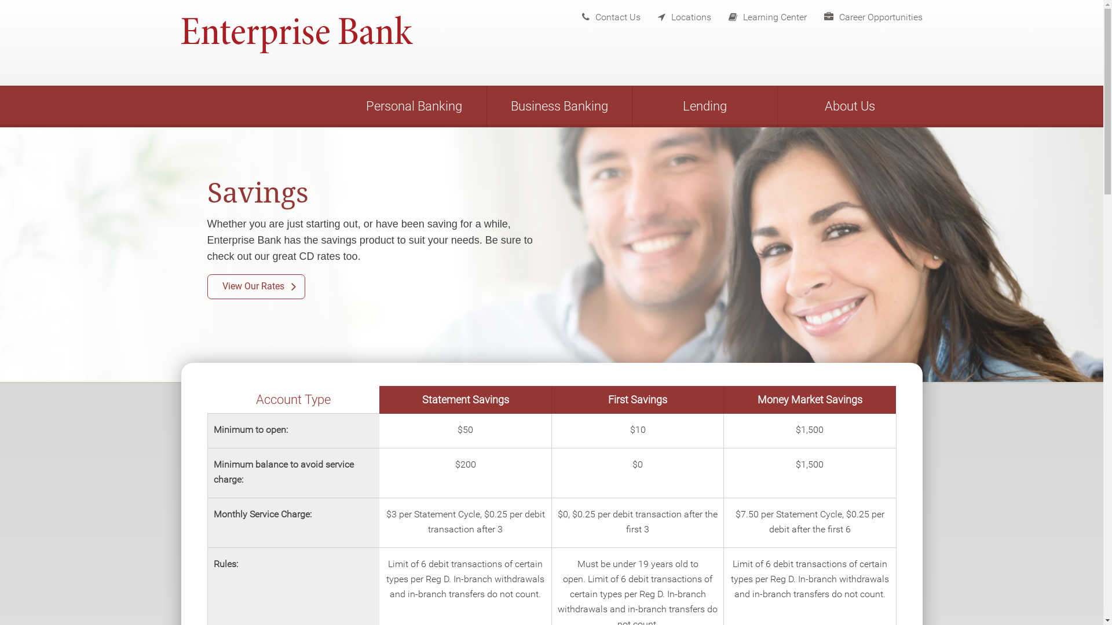  I want to click on 'About Us', so click(777, 106).